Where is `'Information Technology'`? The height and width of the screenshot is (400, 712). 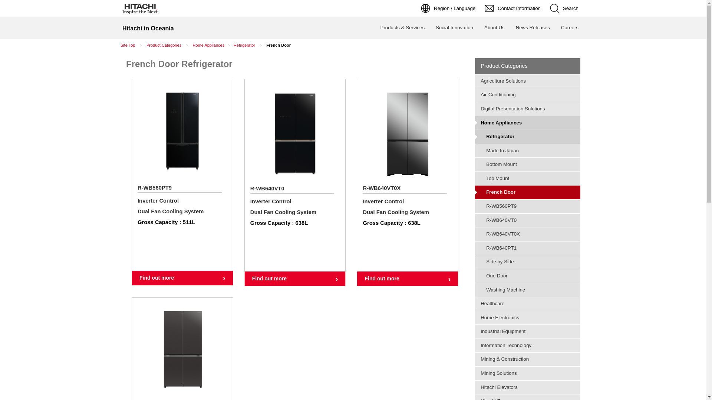
'Information Technology' is located at coordinates (527, 346).